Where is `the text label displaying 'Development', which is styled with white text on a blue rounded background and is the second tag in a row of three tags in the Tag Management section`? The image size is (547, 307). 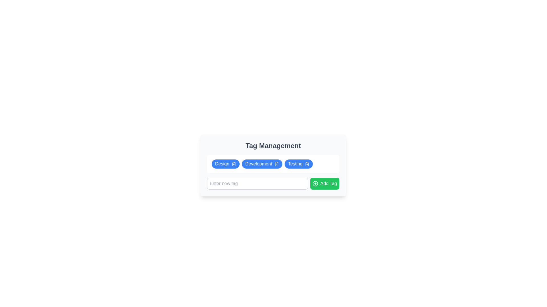
the text label displaying 'Development', which is styled with white text on a blue rounded background and is the second tag in a row of three tags in the Tag Management section is located at coordinates (258, 164).